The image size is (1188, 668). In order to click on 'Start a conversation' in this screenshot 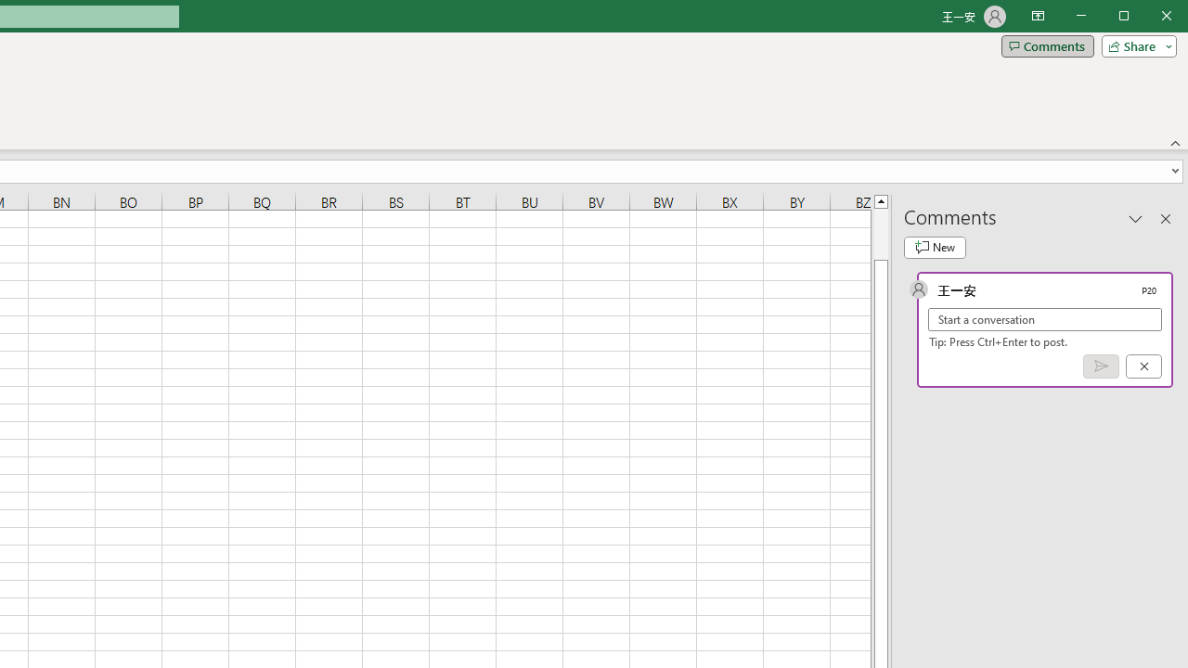, I will do `click(1045, 318)`.